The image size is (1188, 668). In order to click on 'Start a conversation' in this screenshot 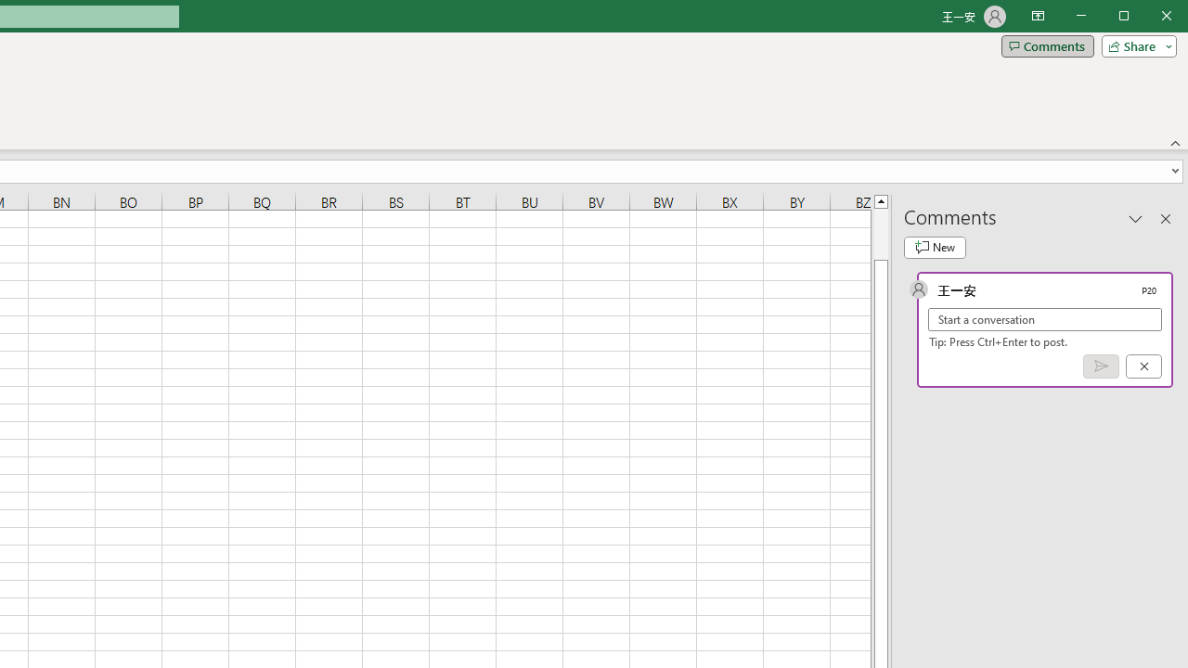, I will do `click(1045, 318)`.